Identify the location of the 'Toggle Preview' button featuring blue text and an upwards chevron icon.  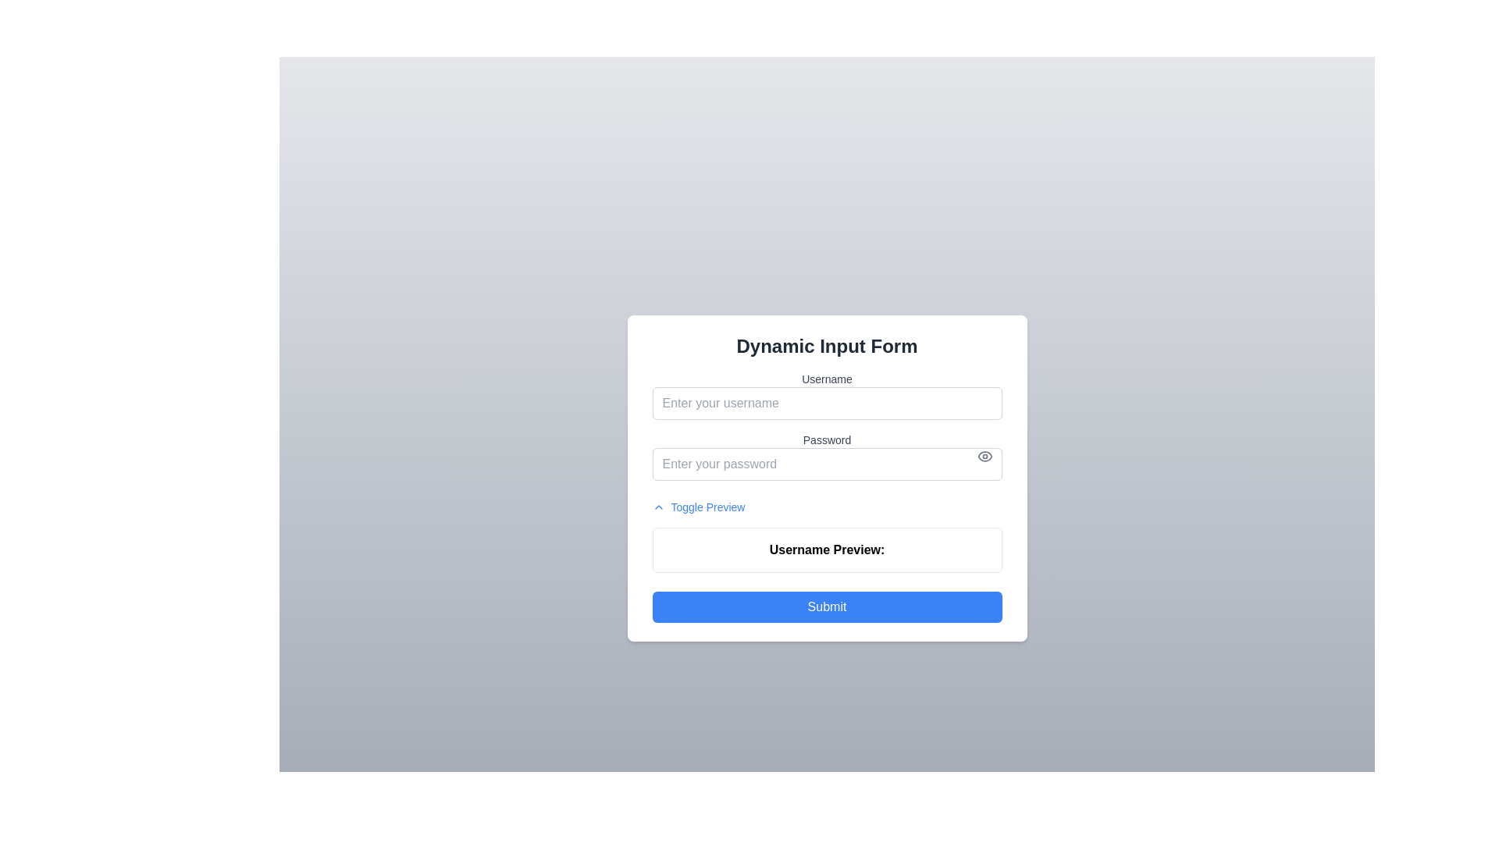
(697, 507).